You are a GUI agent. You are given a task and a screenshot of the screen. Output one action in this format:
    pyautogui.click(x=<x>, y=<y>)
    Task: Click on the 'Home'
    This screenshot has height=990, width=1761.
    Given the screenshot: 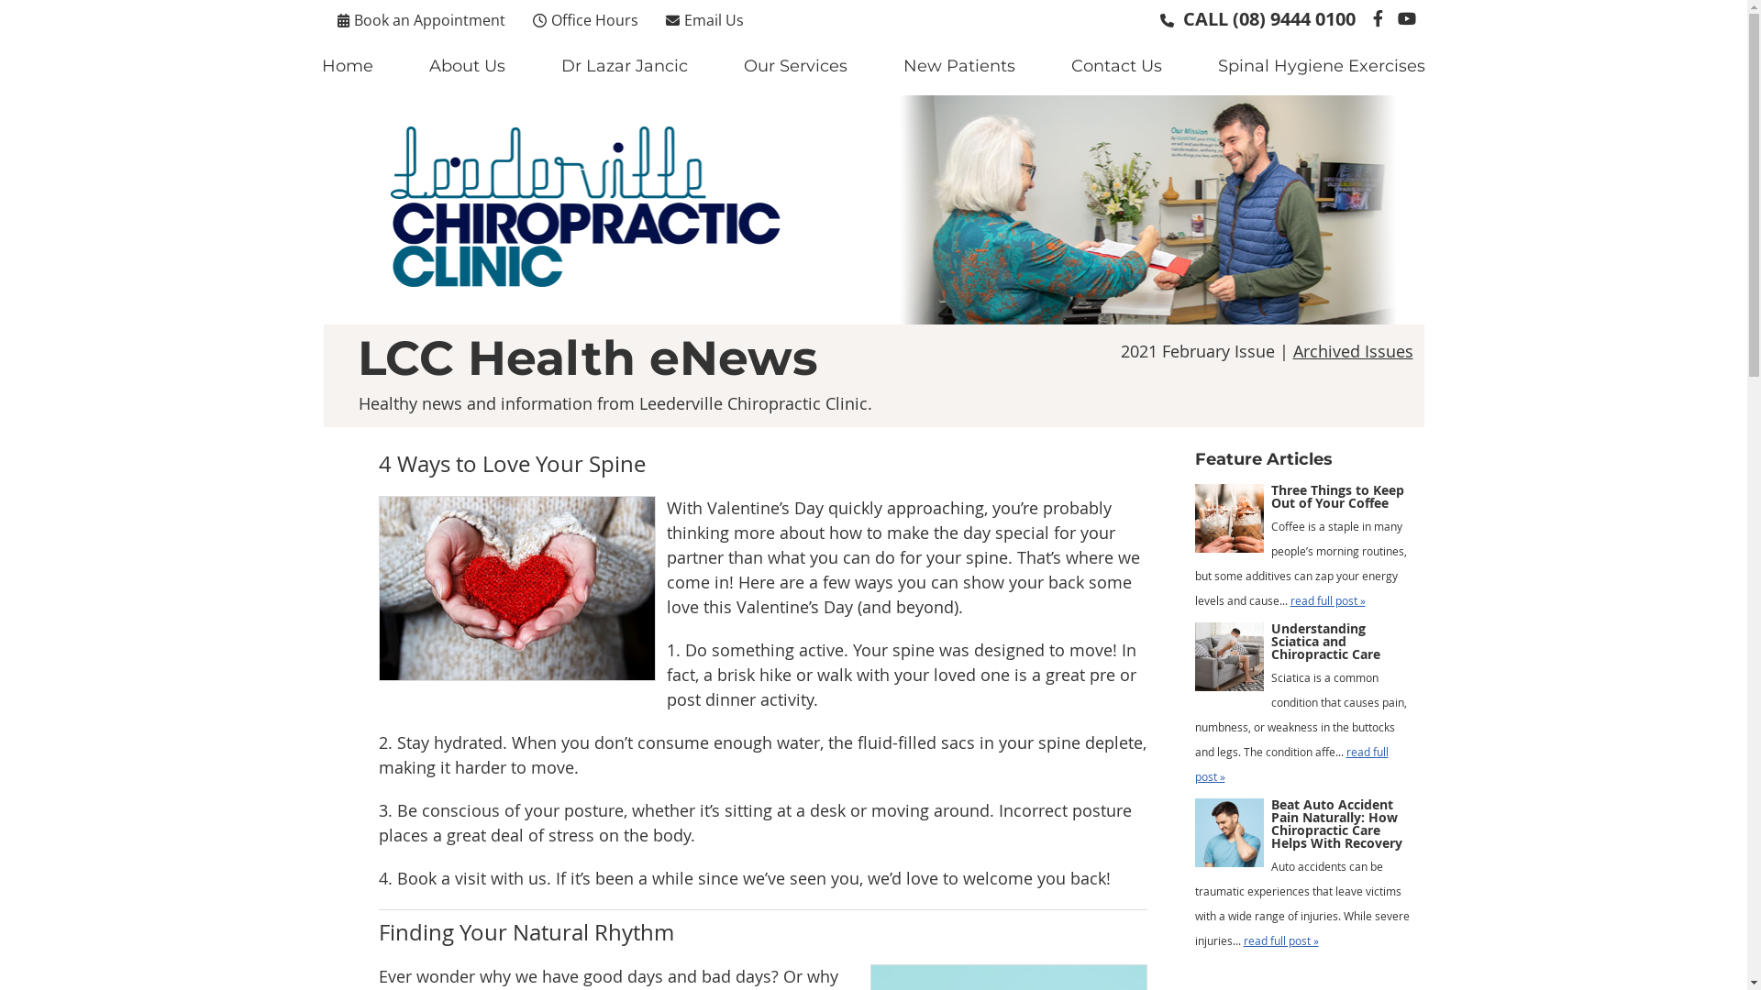 What is the action you would take?
    pyautogui.click(x=348, y=65)
    